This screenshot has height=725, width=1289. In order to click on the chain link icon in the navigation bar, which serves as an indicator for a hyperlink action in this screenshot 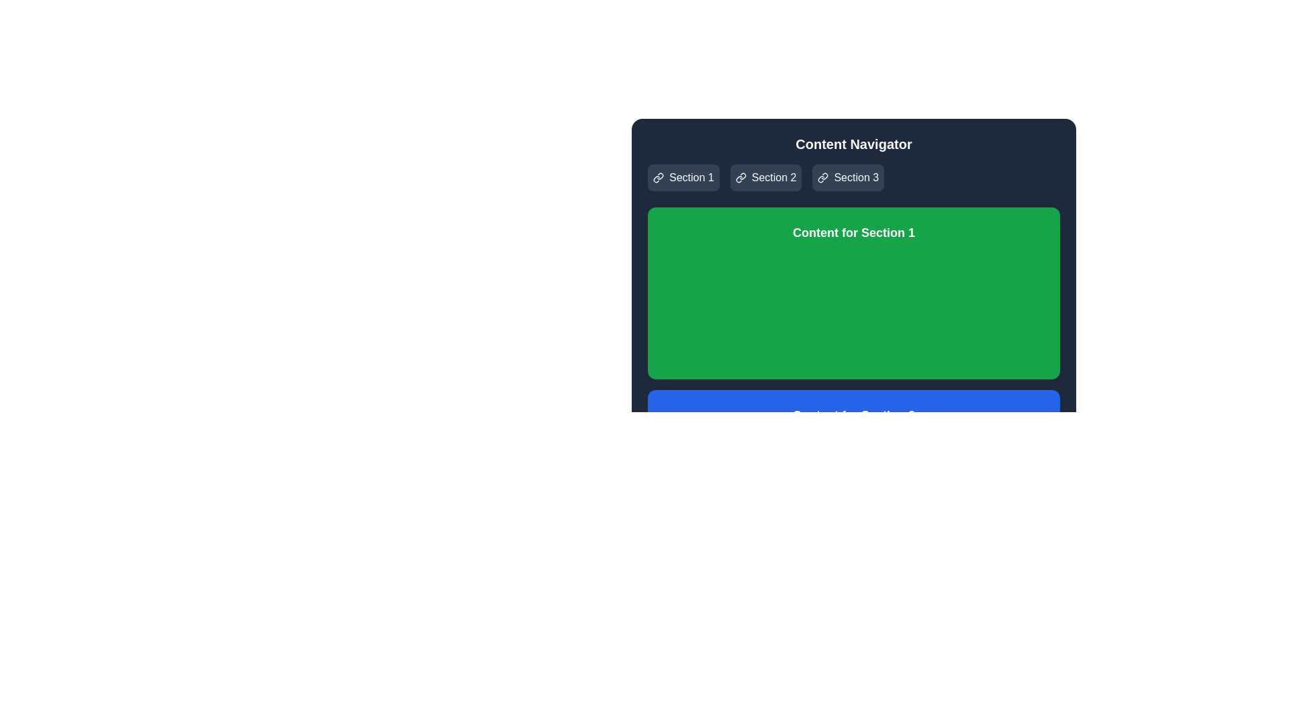, I will do `click(742, 175)`.